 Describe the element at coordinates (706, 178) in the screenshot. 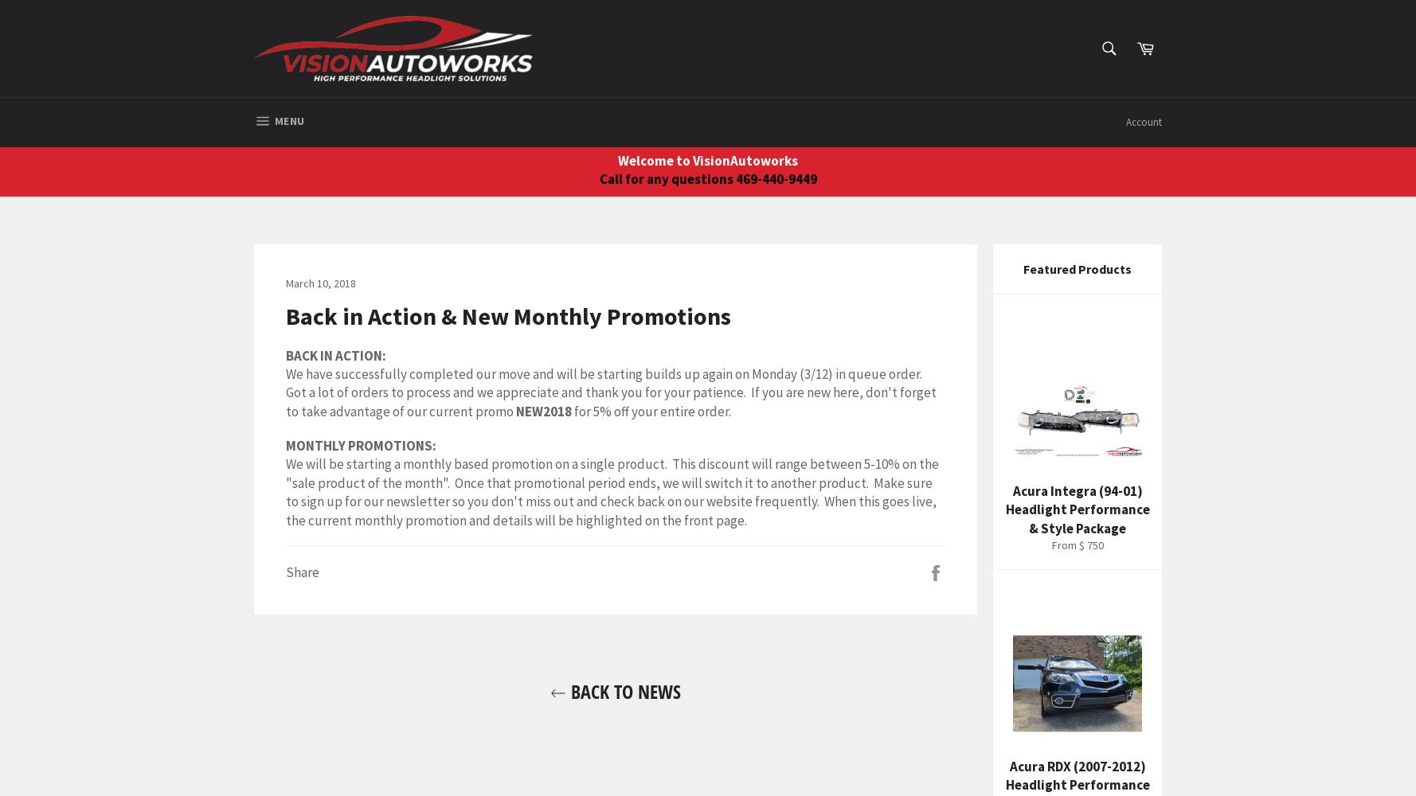

I see `'Call for any questions 469-440-9449'` at that location.